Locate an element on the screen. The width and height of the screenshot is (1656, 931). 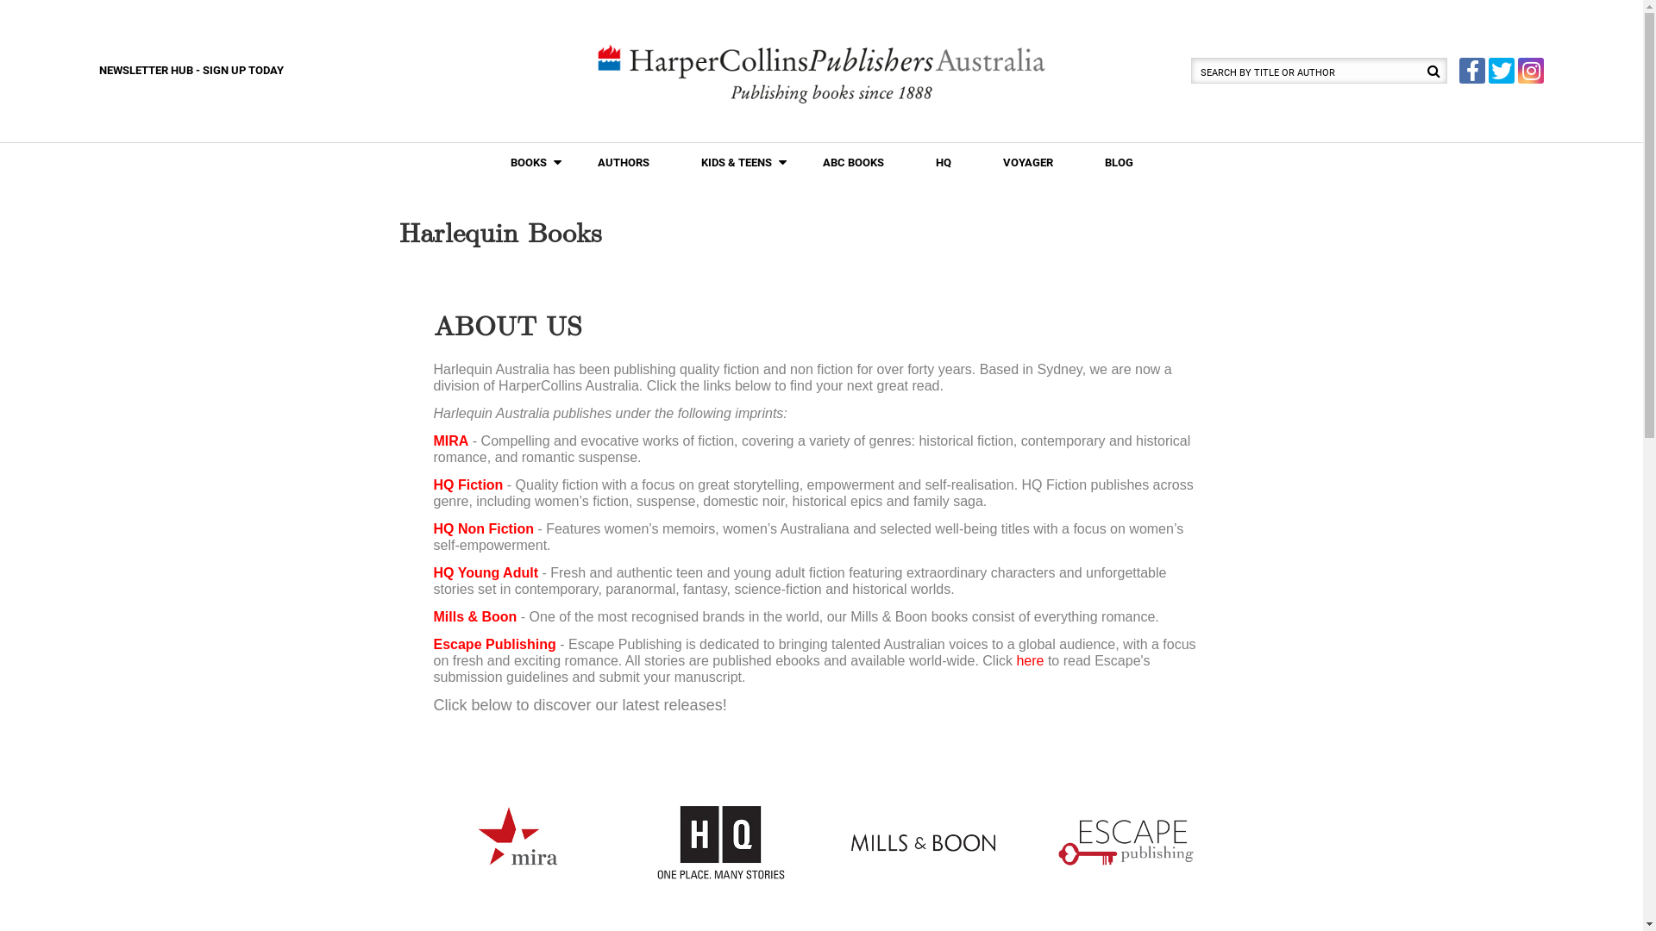
'Twitter' is located at coordinates (1501, 69).